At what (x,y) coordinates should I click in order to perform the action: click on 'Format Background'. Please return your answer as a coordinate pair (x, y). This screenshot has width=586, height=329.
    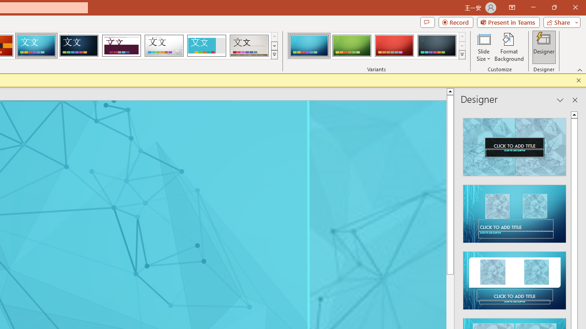
    Looking at the image, I should click on (509, 47).